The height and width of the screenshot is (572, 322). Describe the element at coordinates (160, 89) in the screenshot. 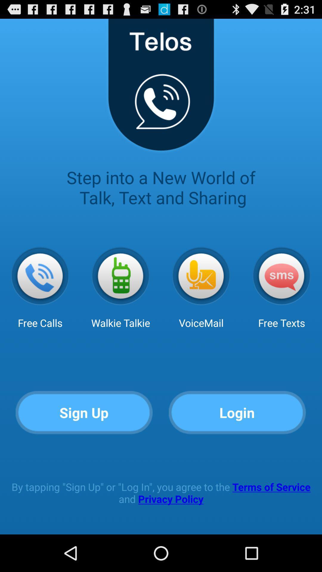

I see `the item above the step into a app` at that location.